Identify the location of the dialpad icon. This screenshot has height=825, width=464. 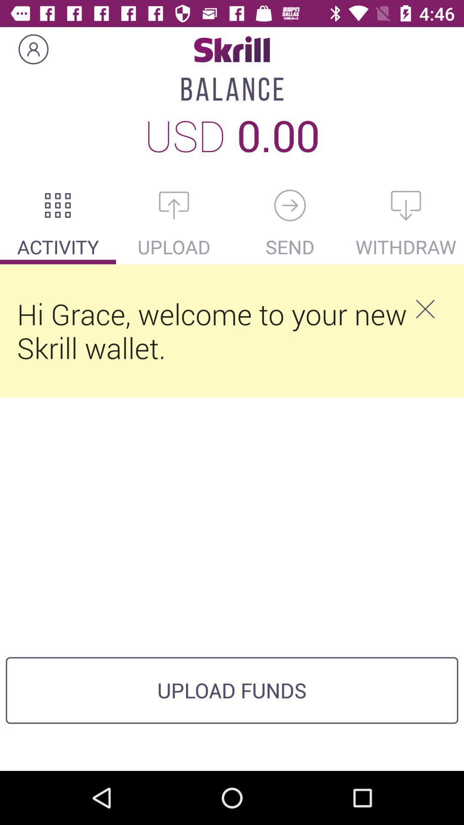
(58, 205).